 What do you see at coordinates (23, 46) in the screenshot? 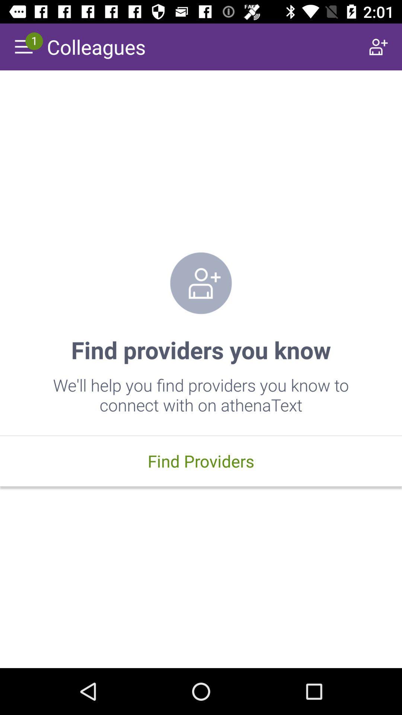
I see `menu` at bounding box center [23, 46].